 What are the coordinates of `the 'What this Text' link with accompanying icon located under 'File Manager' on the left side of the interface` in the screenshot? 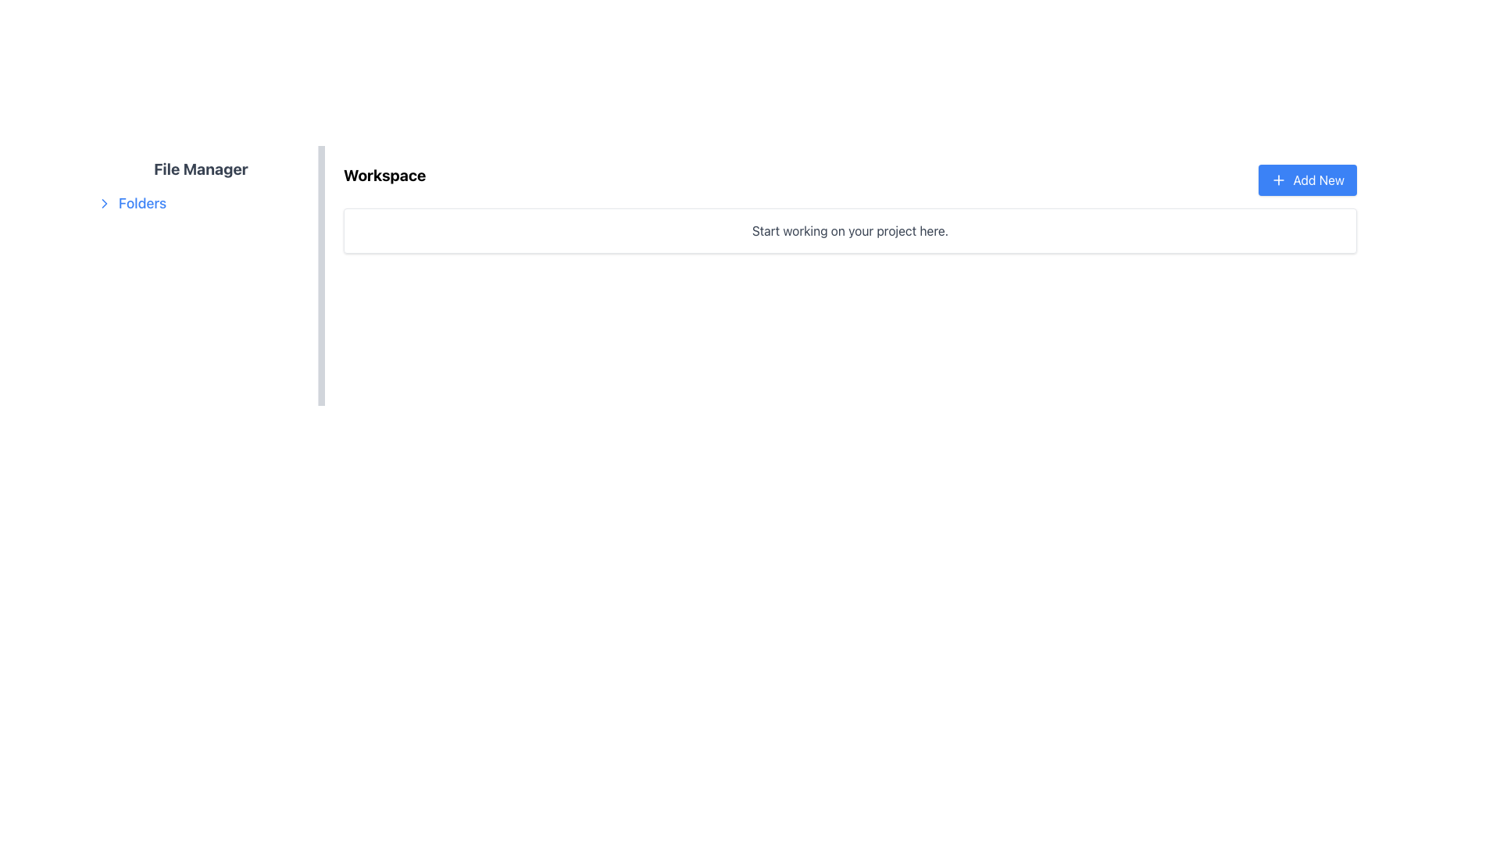 It's located at (131, 203).